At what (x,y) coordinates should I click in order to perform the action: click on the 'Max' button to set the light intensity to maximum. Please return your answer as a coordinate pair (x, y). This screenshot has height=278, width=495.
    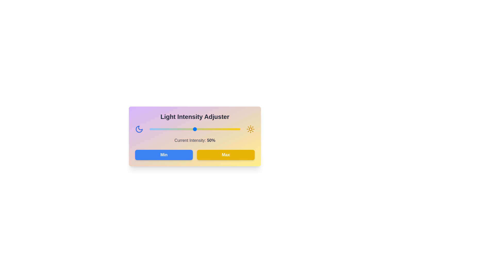
    Looking at the image, I should click on (226, 154).